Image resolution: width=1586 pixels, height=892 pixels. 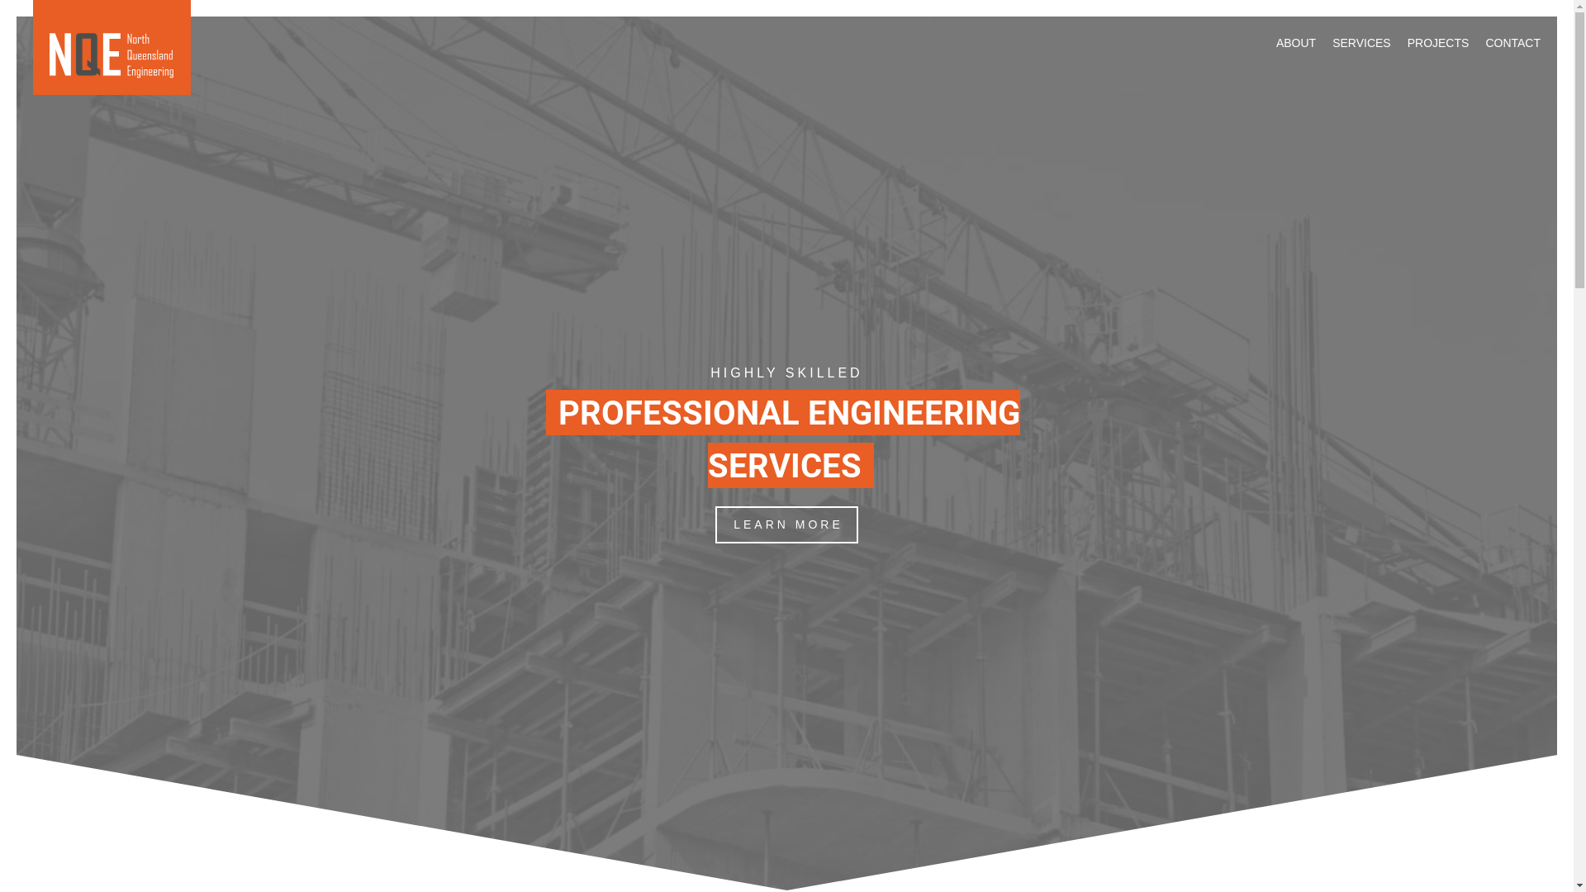 What do you see at coordinates (1332, 41) in the screenshot?
I see `'SERVICES'` at bounding box center [1332, 41].